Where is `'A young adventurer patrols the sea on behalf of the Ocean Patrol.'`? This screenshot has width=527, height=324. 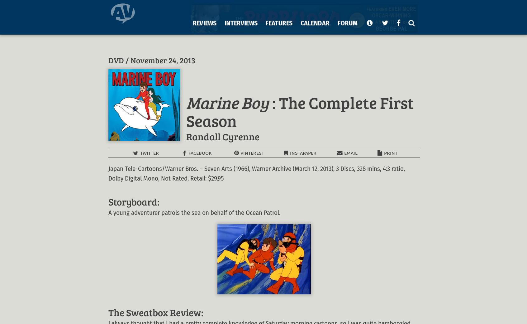 'A young adventurer patrols the sea on behalf of the Ocean Patrol.' is located at coordinates (194, 212).